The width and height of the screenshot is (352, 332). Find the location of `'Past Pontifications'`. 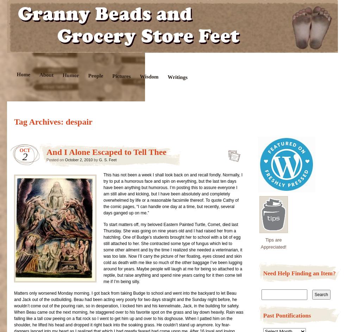

'Past Pontifications' is located at coordinates (287, 315).